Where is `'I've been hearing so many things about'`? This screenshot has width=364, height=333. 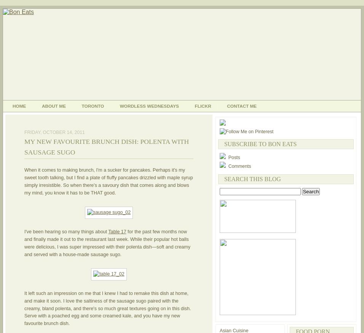
'I've been hearing so many things about' is located at coordinates (66, 231).